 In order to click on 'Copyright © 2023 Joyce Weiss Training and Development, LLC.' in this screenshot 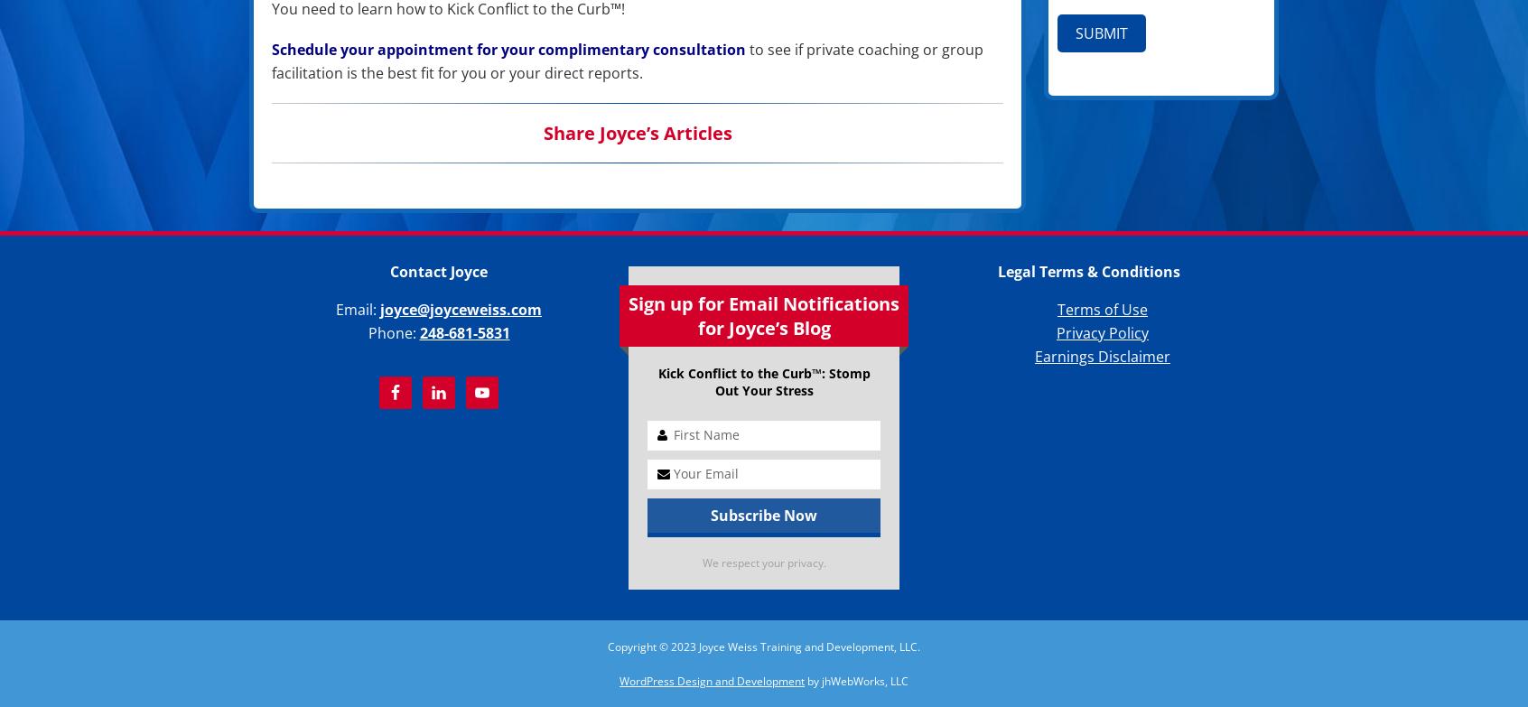, I will do `click(764, 646)`.